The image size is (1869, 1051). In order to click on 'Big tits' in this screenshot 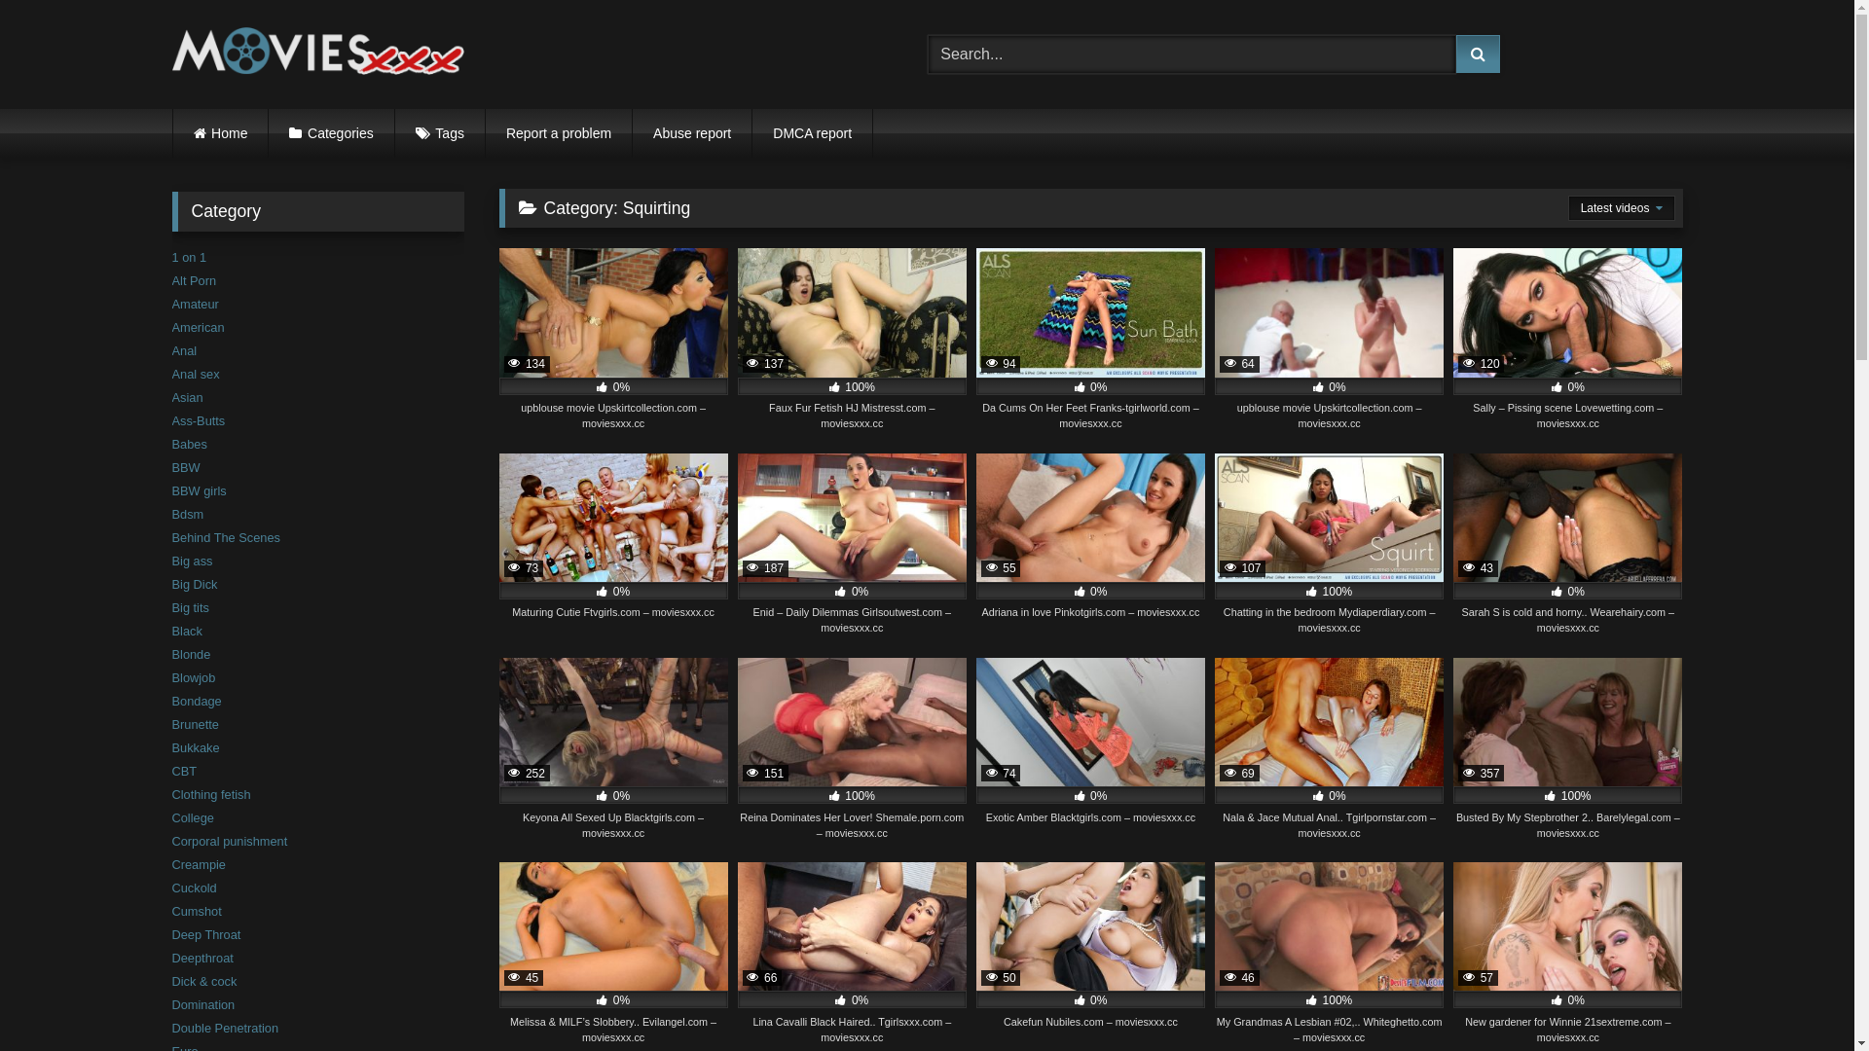, I will do `click(190, 606)`.